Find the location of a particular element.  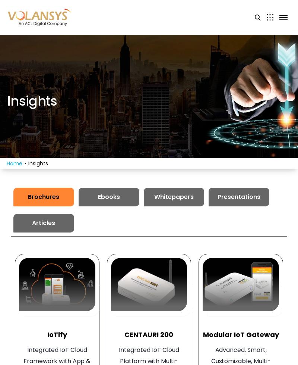

'Home' is located at coordinates (14, 163).